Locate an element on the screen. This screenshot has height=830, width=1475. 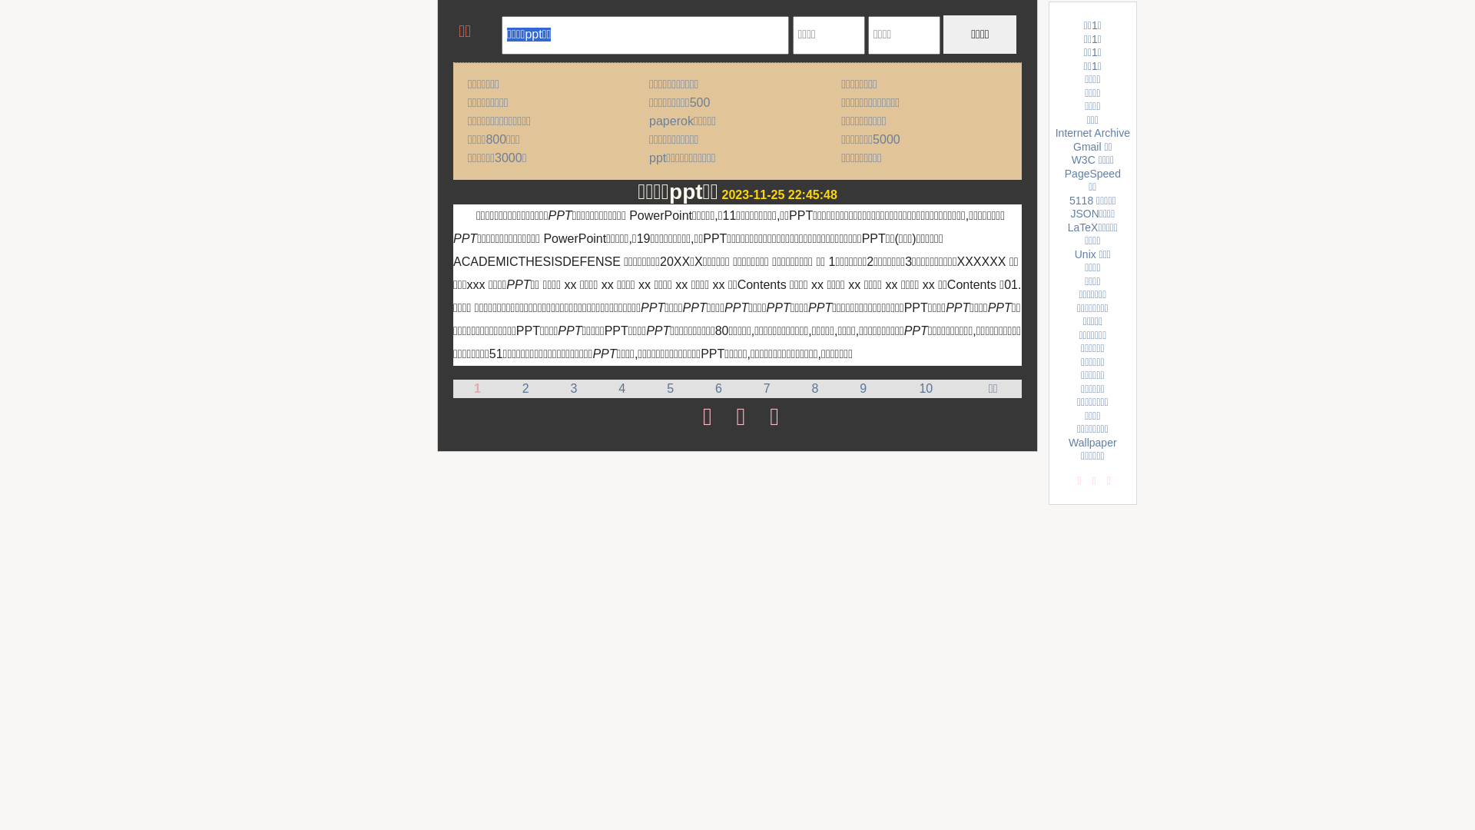
'PageSpeed' is located at coordinates (1092, 173).